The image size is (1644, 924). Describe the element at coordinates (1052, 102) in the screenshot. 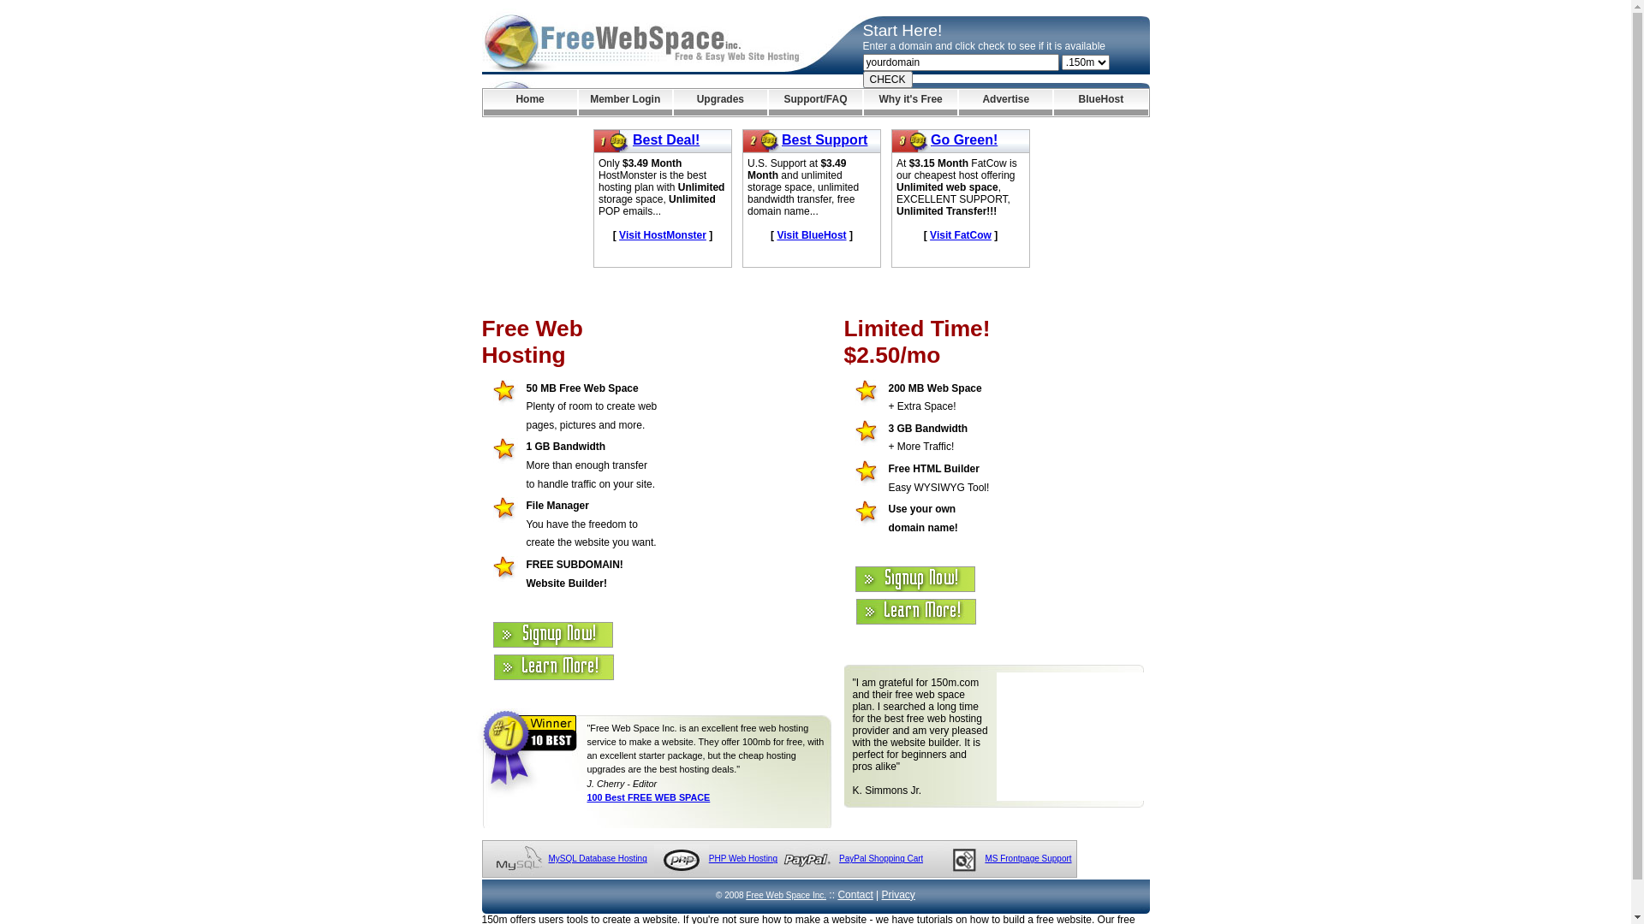

I see `'BlueHost'` at that location.